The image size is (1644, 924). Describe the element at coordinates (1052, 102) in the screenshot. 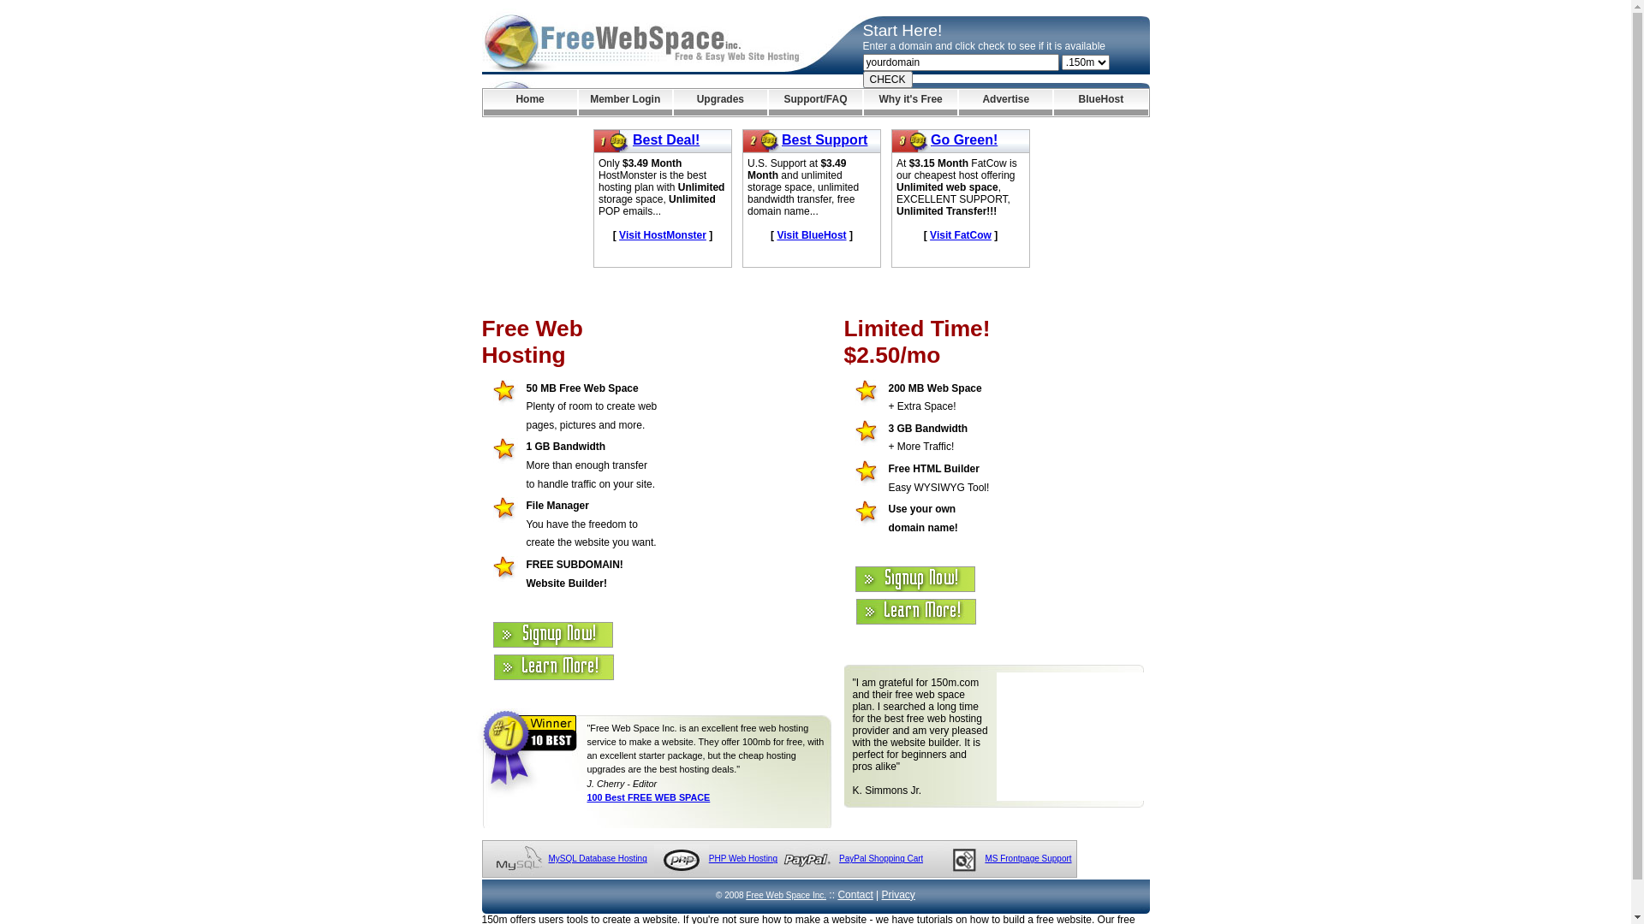

I see `'BlueHost'` at that location.